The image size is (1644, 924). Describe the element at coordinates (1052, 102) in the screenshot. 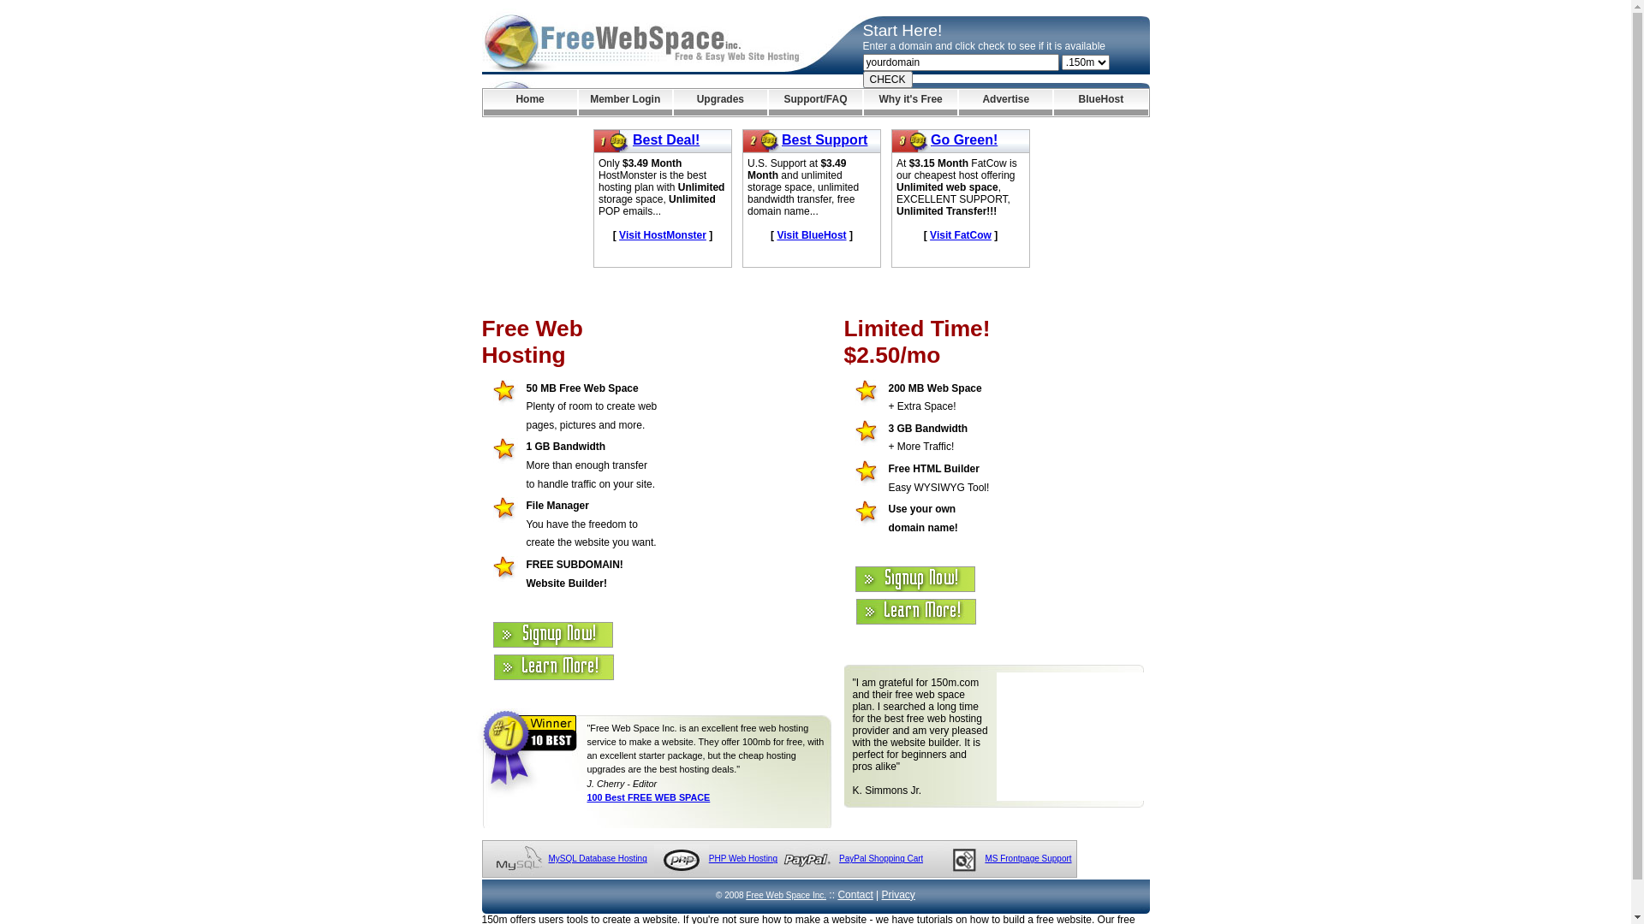

I see `'BlueHost'` at that location.